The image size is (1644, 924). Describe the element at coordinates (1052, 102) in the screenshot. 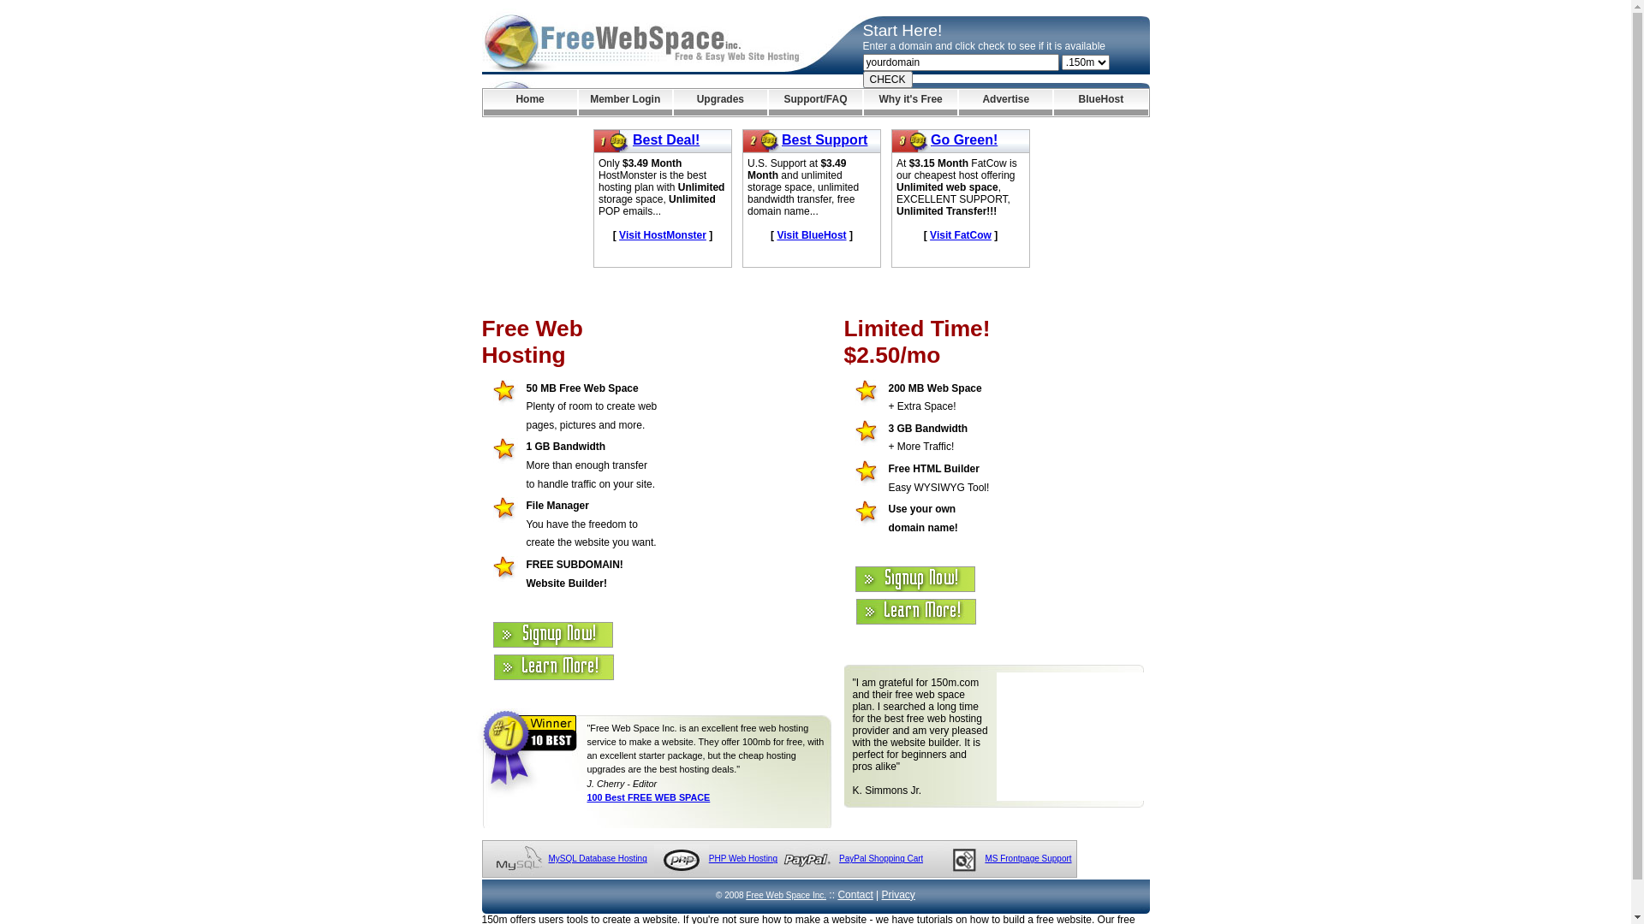

I see `'BlueHost'` at that location.